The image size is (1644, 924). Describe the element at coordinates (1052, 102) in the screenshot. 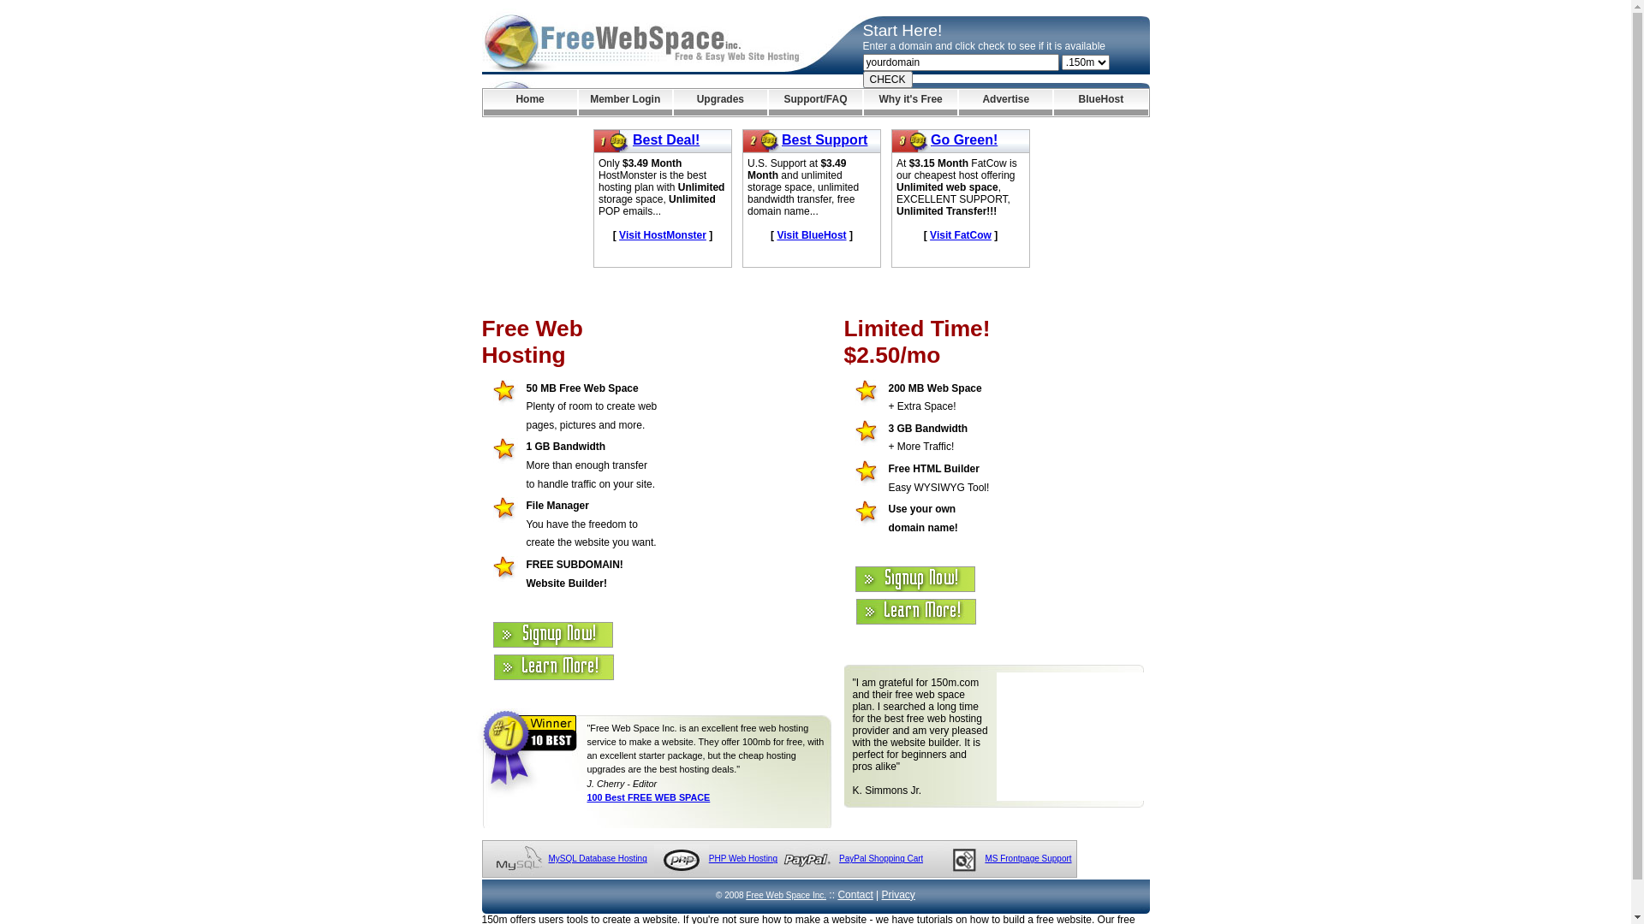

I see `'BlueHost'` at that location.